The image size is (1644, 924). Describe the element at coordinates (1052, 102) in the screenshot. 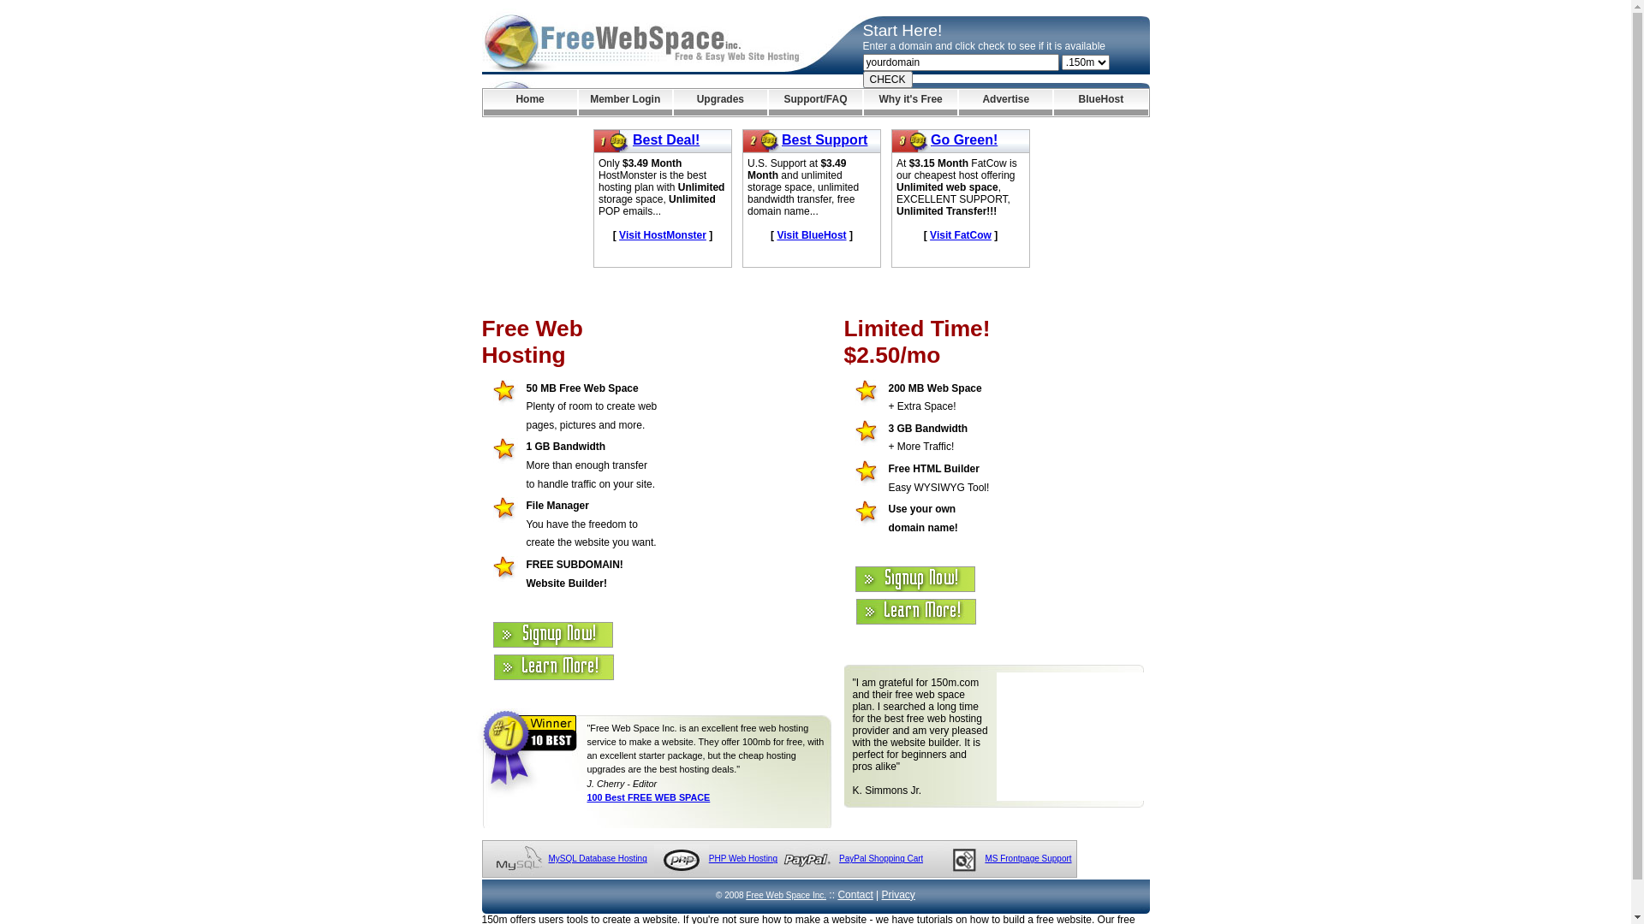

I see `'BlueHost'` at that location.